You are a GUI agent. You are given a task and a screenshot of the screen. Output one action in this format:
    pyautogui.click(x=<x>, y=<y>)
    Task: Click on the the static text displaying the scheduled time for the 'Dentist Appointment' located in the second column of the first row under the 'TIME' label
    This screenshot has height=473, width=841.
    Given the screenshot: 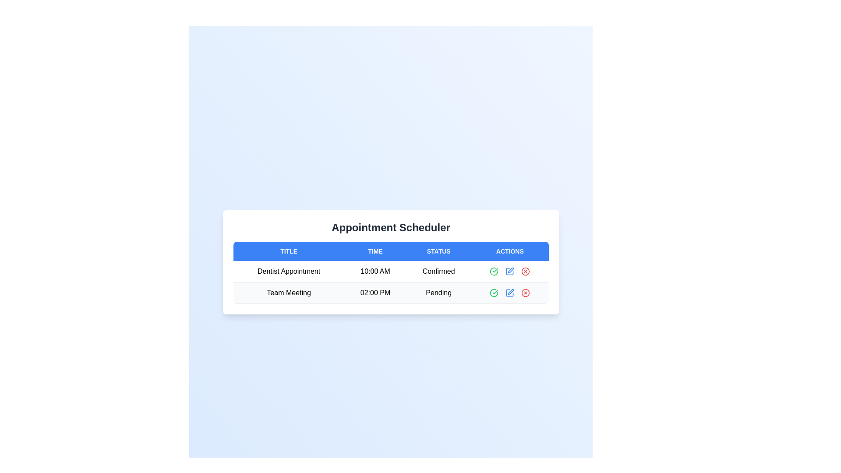 What is the action you would take?
    pyautogui.click(x=375, y=271)
    